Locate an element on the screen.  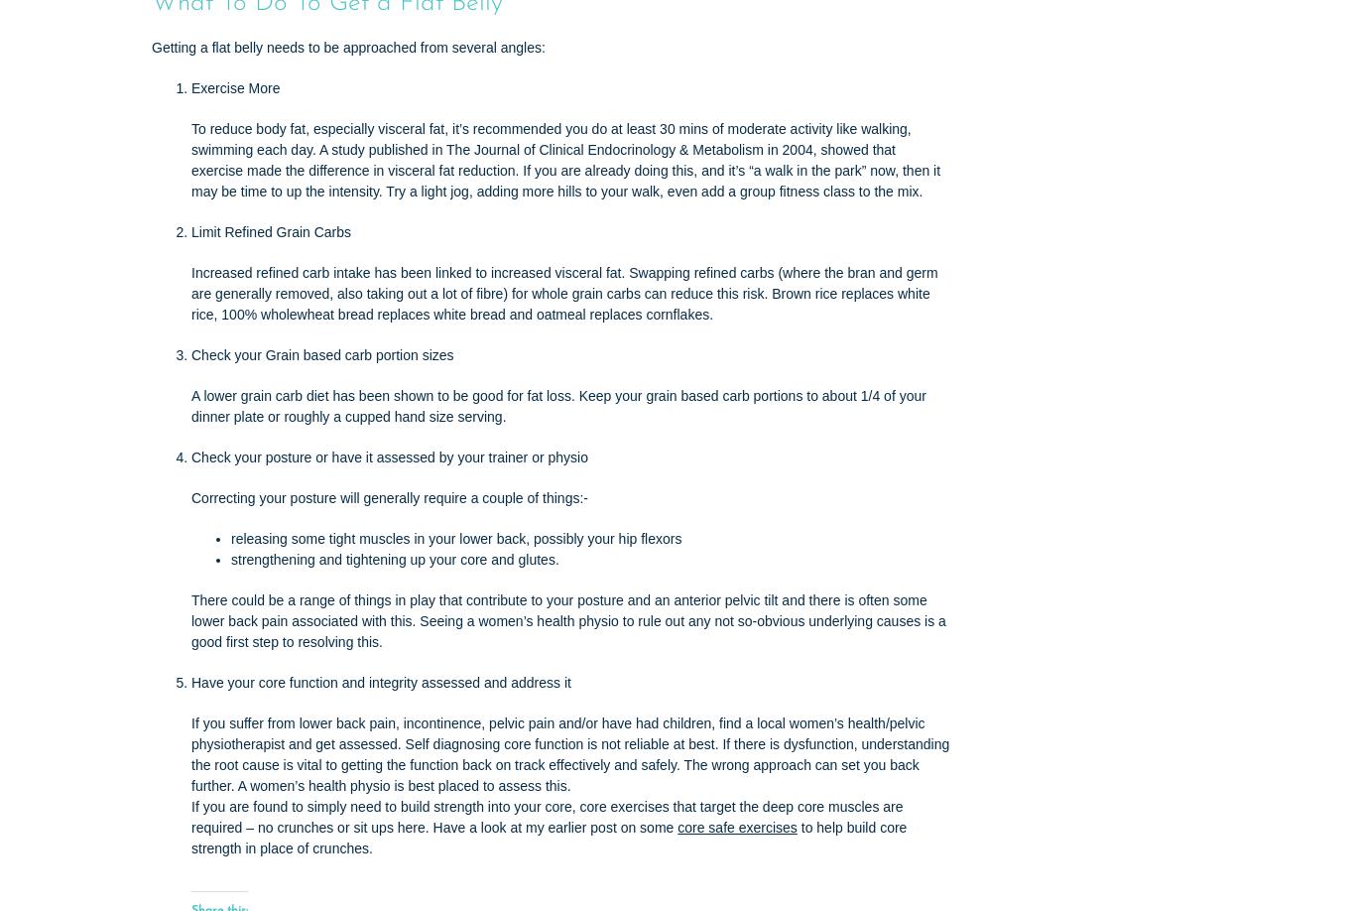
'Have your core function and integrity assessed and address it' is located at coordinates (190, 683).